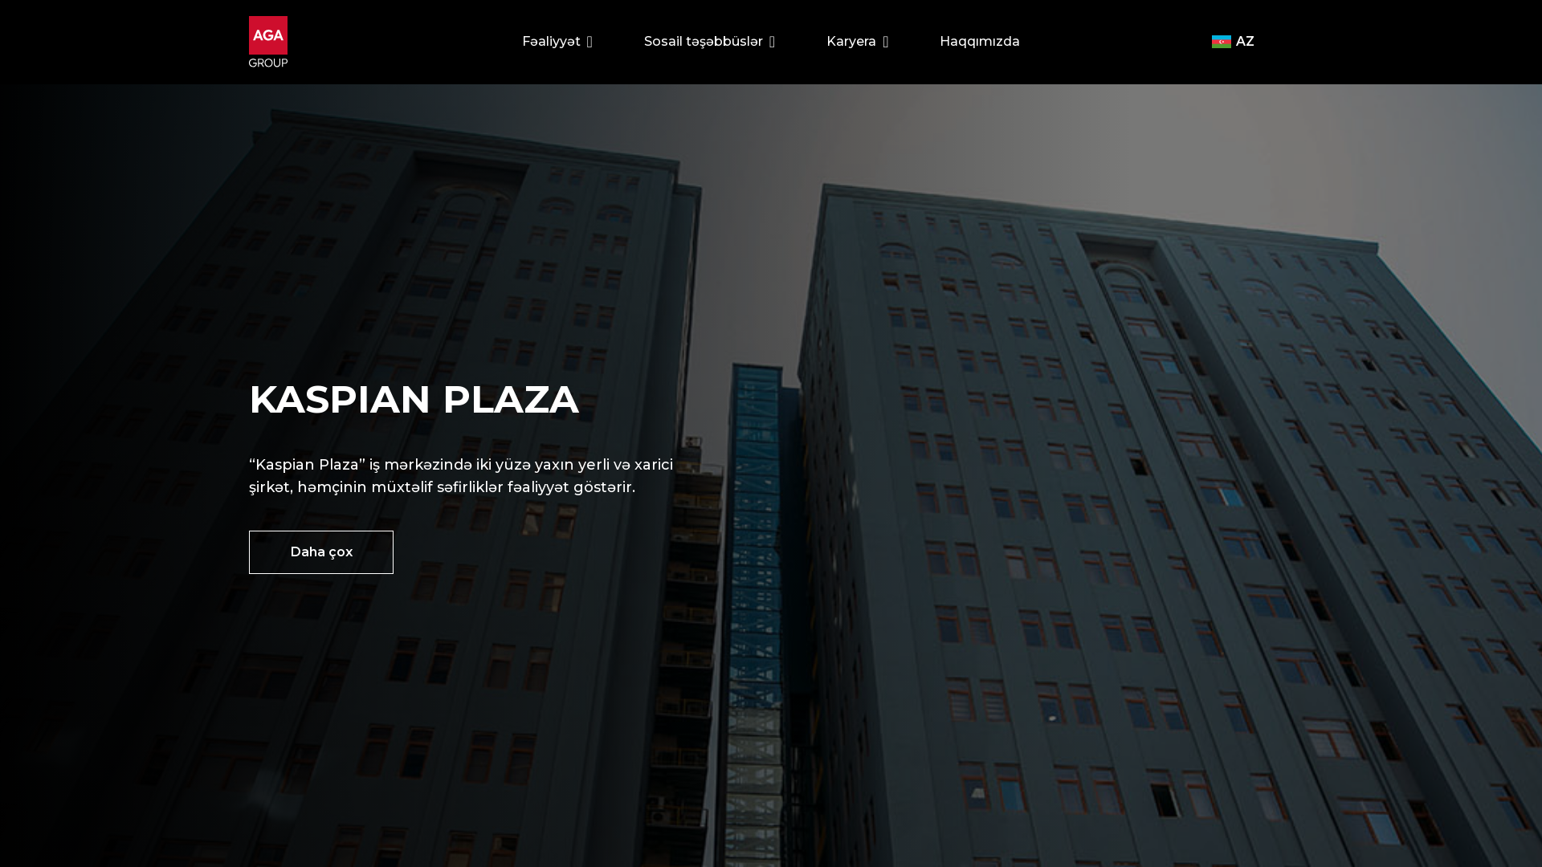 The height and width of the screenshot is (867, 1542). I want to click on 'Karyera', so click(856, 40).